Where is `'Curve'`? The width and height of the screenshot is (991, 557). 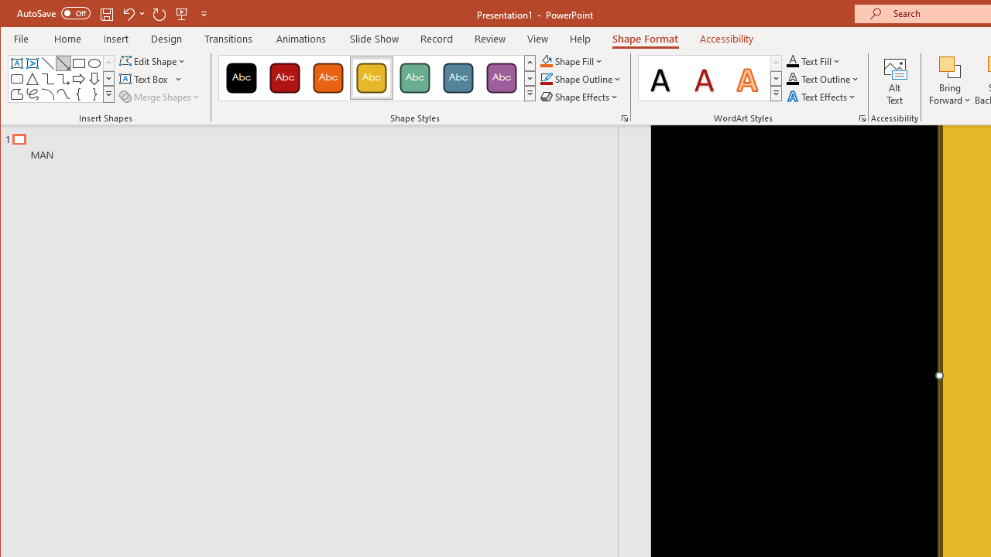
'Curve' is located at coordinates (62, 94).